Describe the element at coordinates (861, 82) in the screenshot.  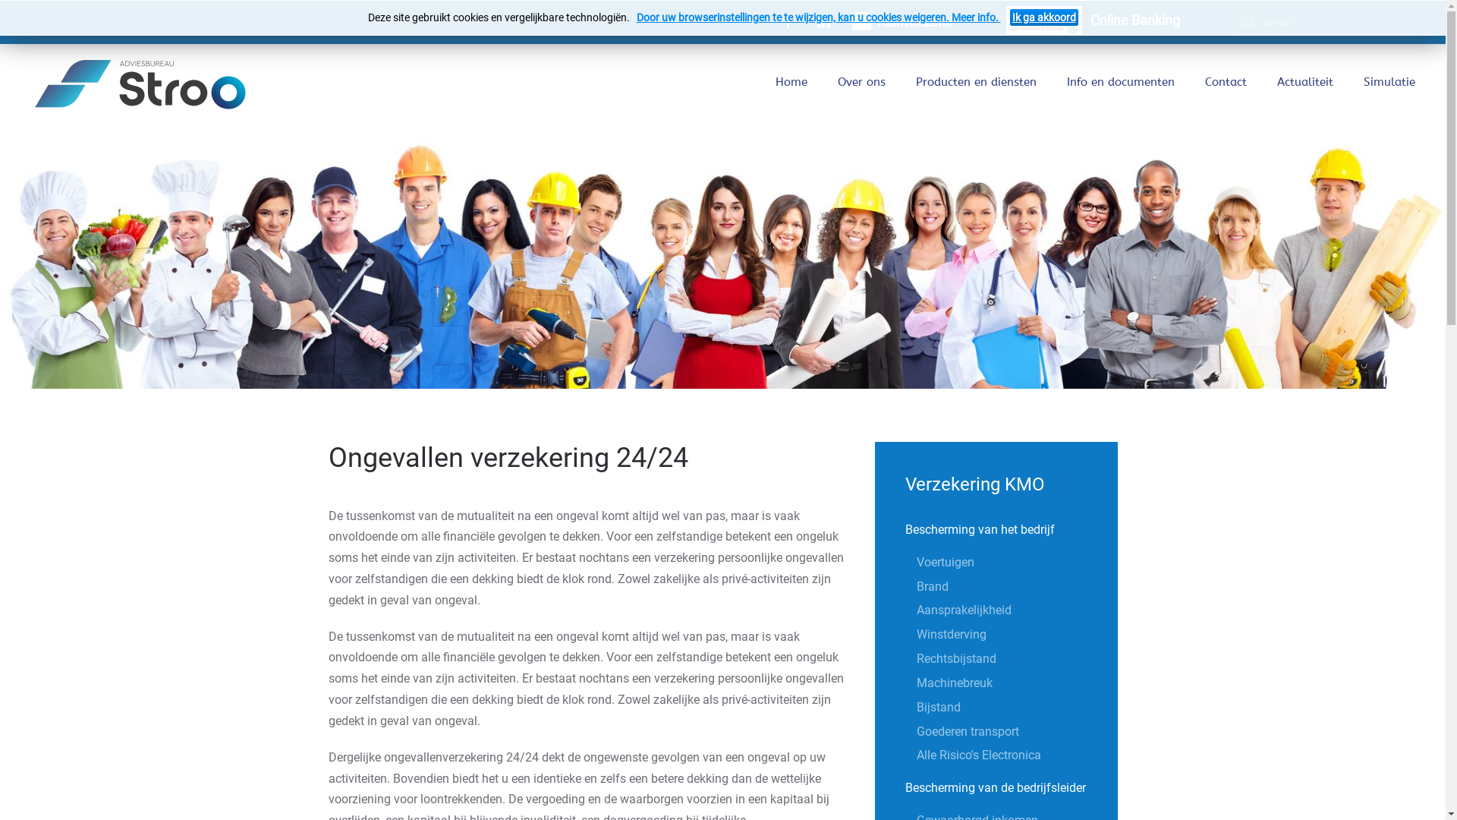
I see `'Over ons'` at that location.